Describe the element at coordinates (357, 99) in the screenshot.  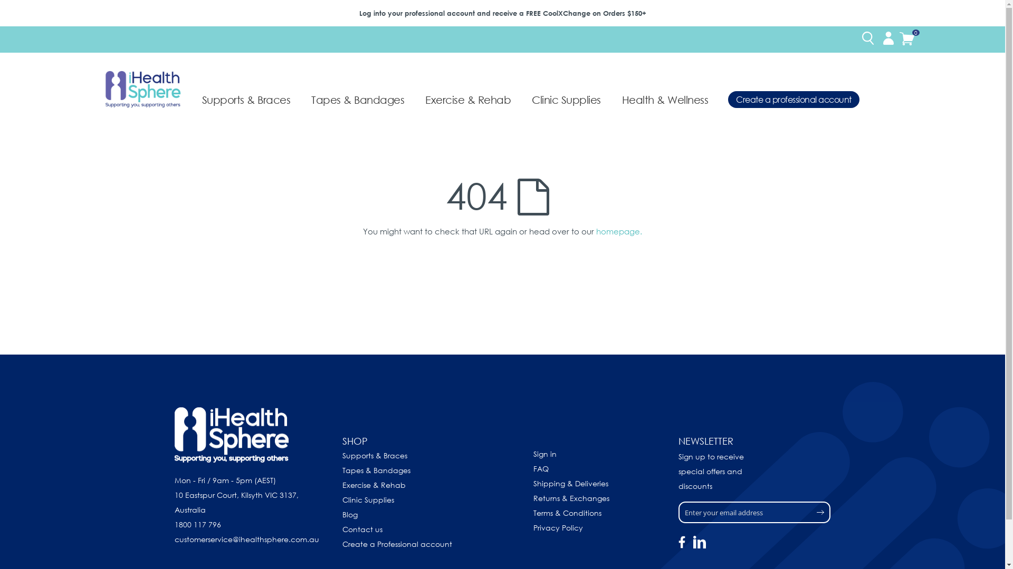
I see `'Tapes & Bandages'` at that location.